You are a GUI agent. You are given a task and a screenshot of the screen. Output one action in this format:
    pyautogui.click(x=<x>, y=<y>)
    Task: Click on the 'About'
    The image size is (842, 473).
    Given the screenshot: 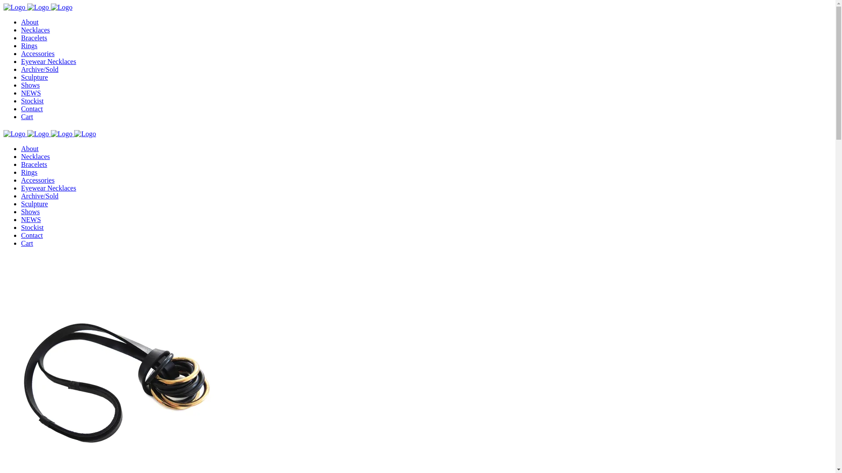 What is the action you would take?
    pyautogui.click(x=29, y=148)
    